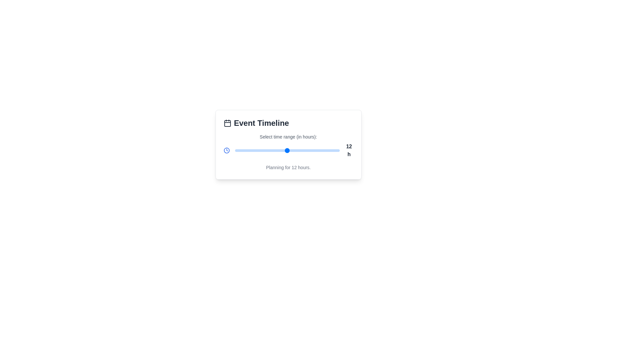  Describe the element at coordinates (326, 151) in the screenshot. I see `the timeline duration` at that location.